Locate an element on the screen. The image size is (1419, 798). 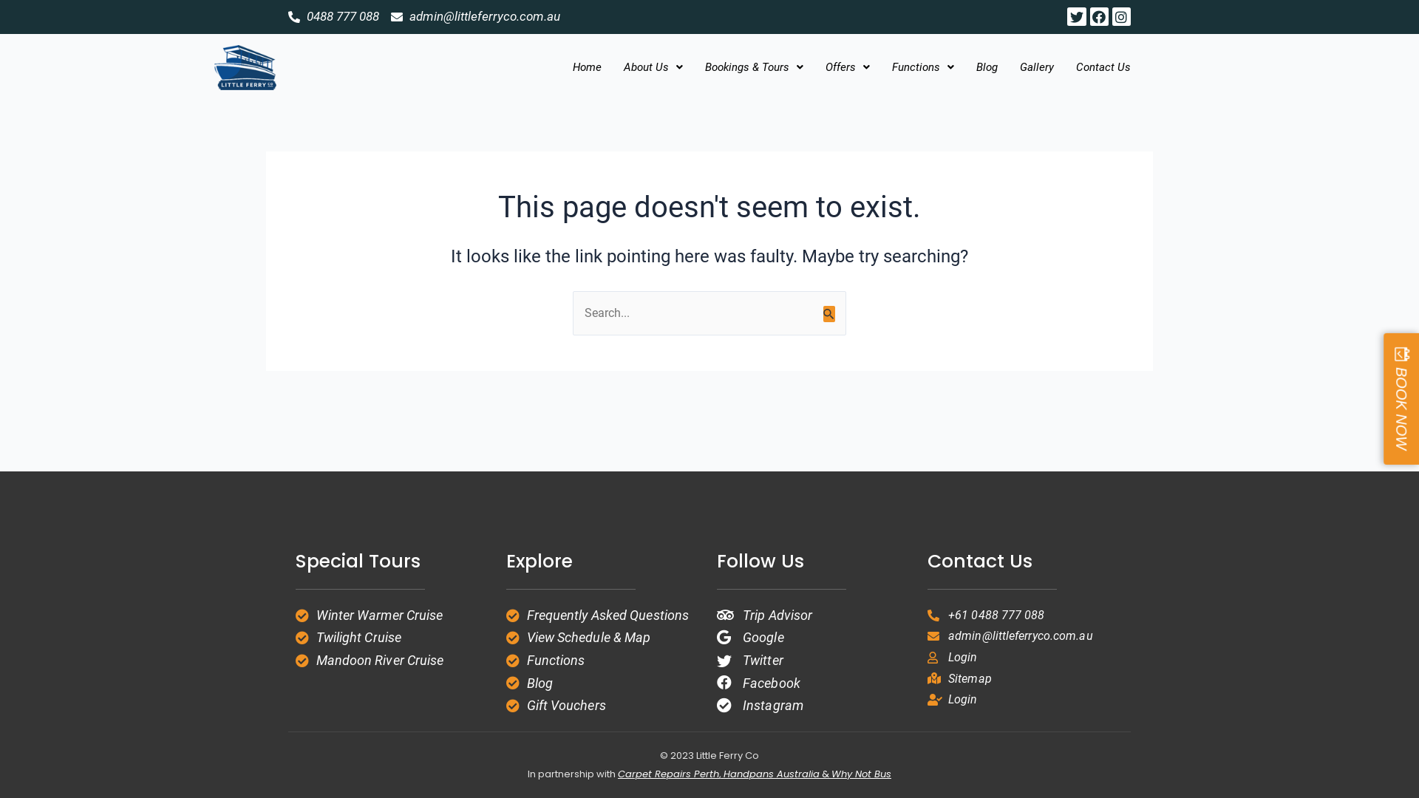
'View Schedule & Map' is located at coordinates (604, 637).